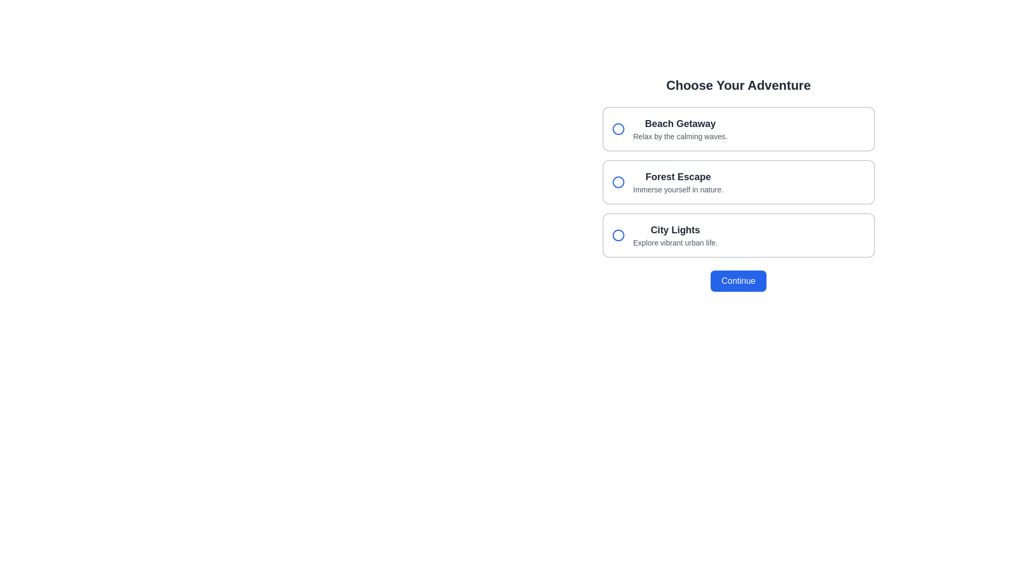 This screenshot has height=574, width=1022. I want to click on the circular radio button for the 'Forest Escape' option, positioned next to the text 'Forest Escape Immerse yourself in nature.', so click(618, 182).